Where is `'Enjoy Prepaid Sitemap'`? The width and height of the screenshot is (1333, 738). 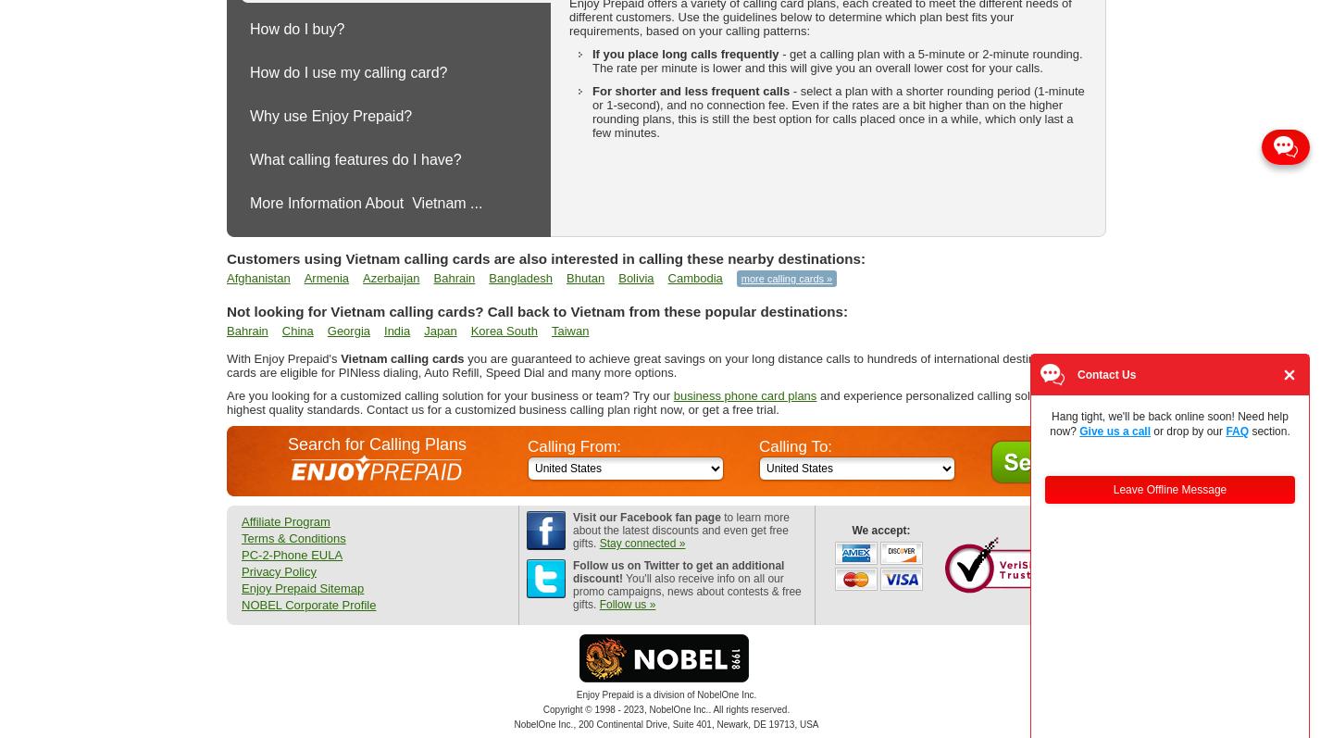 'Enjoy Prepaid Sitemap' is located at coordinates (303, 587).